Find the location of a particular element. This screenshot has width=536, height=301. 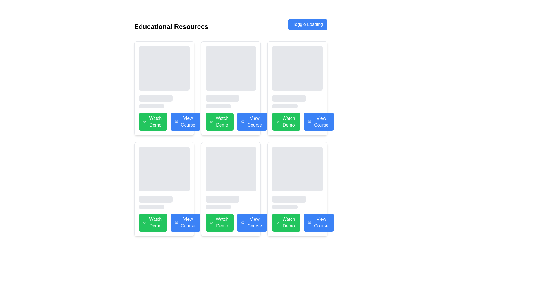

the button located in the bottom-left corner of the second card in the bottom row of the grid layout to navigate via keyboard is located at coordinates (153, 222).